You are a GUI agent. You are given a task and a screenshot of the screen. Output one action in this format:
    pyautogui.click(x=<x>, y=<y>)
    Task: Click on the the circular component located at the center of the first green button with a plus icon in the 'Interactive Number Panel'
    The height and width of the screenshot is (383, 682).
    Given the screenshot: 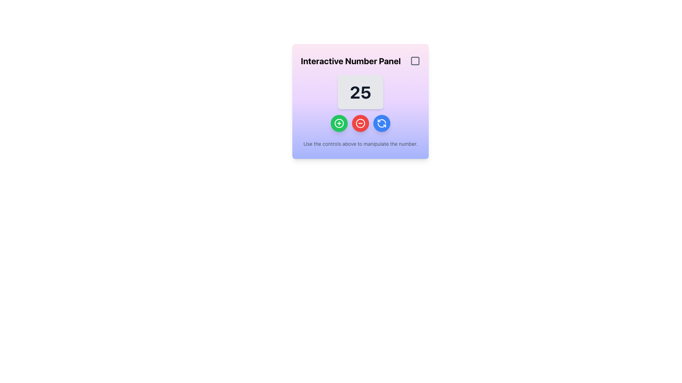 What is the action you would take?
    pyautogui.click(x=339, y=123)
    